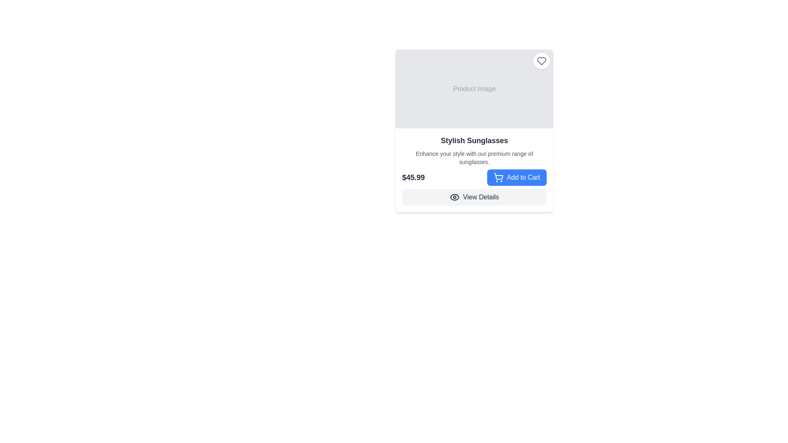  Describe the element at coordinates (454, 197) in the screenshot. I see `the elliptical outline of the eye icon within the SVG, located in the top-right corner of the product information card` at that location.